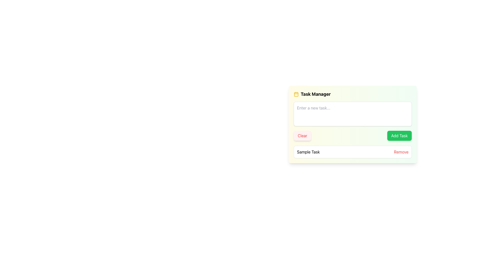  I want to click on the calendar icon located at the far left of the 'Task Manager' header, so click(296, 94).